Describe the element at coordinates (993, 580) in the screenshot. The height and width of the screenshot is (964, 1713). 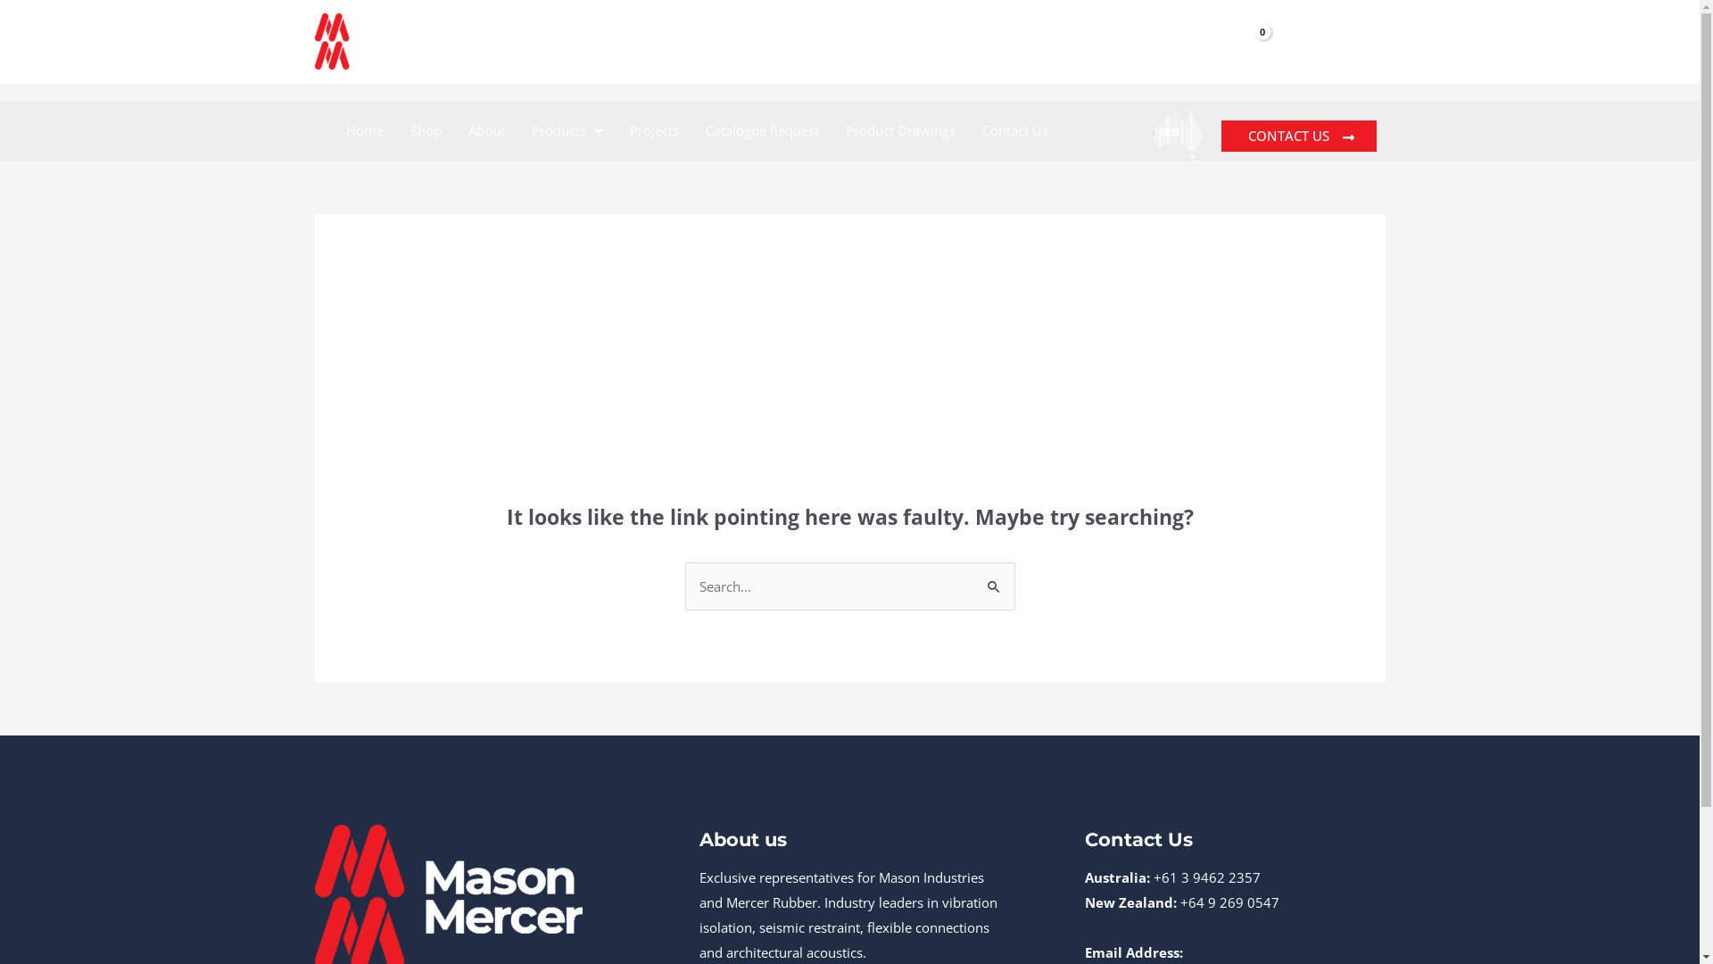
I see `'Search'` at that location.